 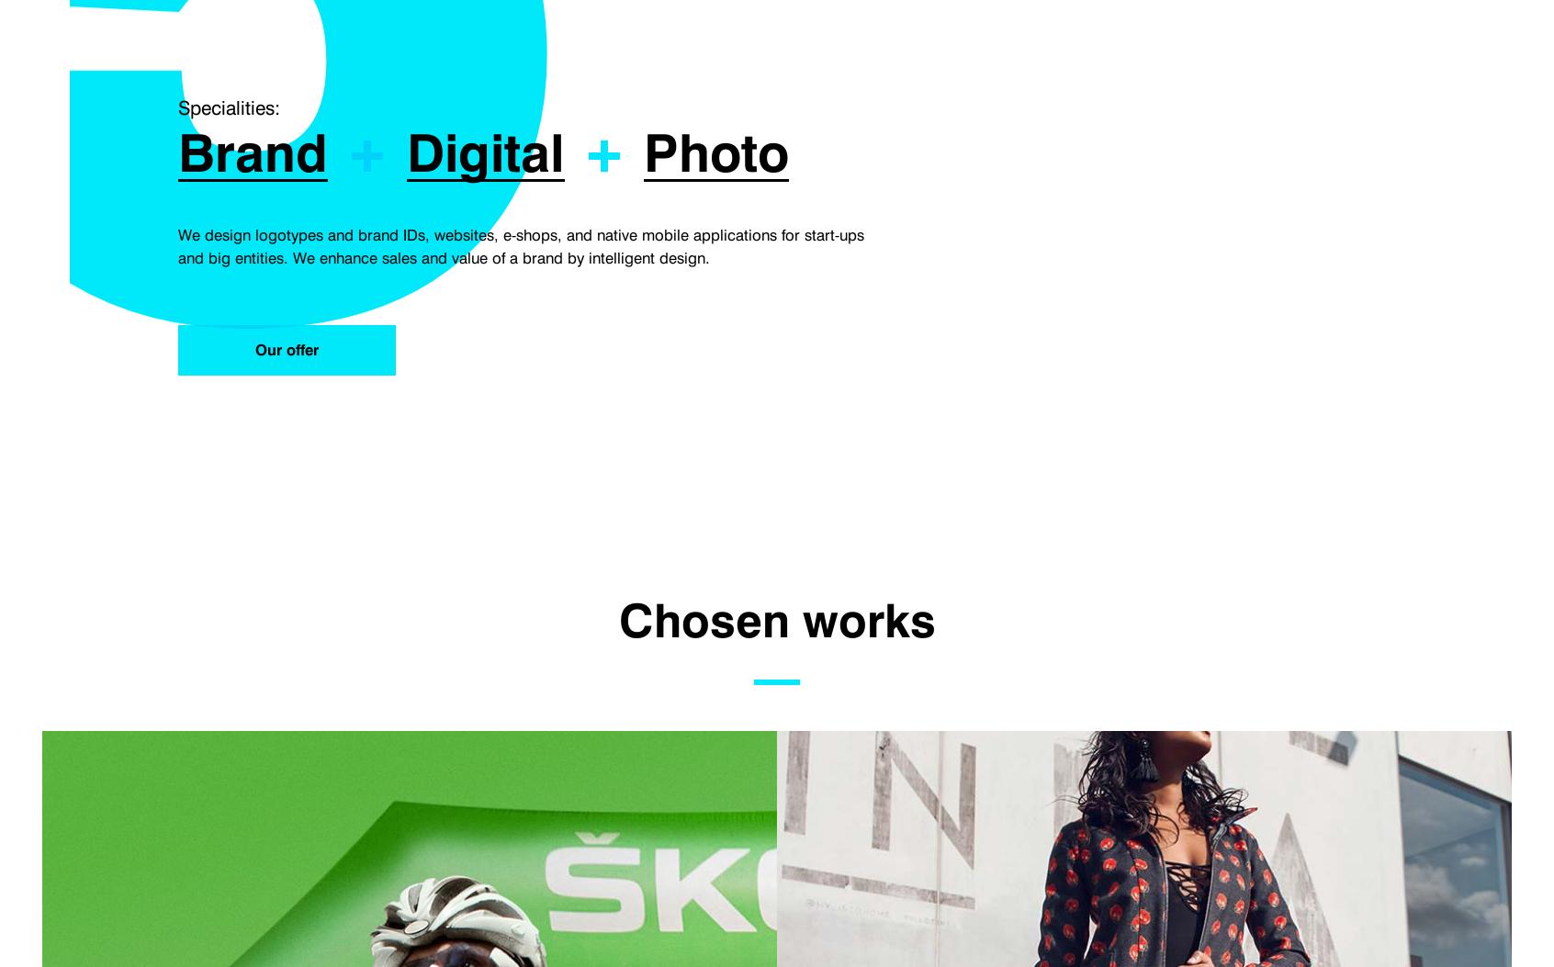 What do you see at coordinates (321, 79) in the screenshot?
I see `'Always Active'` at bounding box center [321, 79].